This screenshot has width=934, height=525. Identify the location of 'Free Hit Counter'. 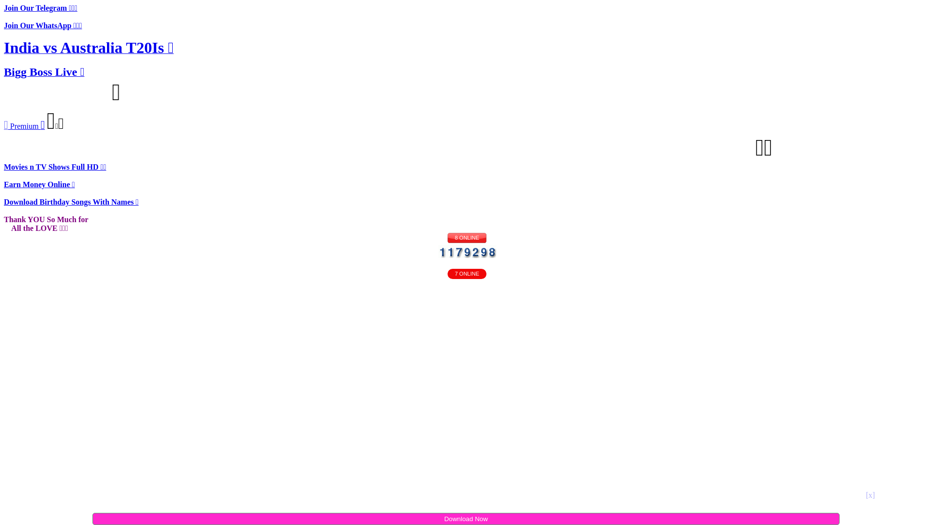
(466, 251).